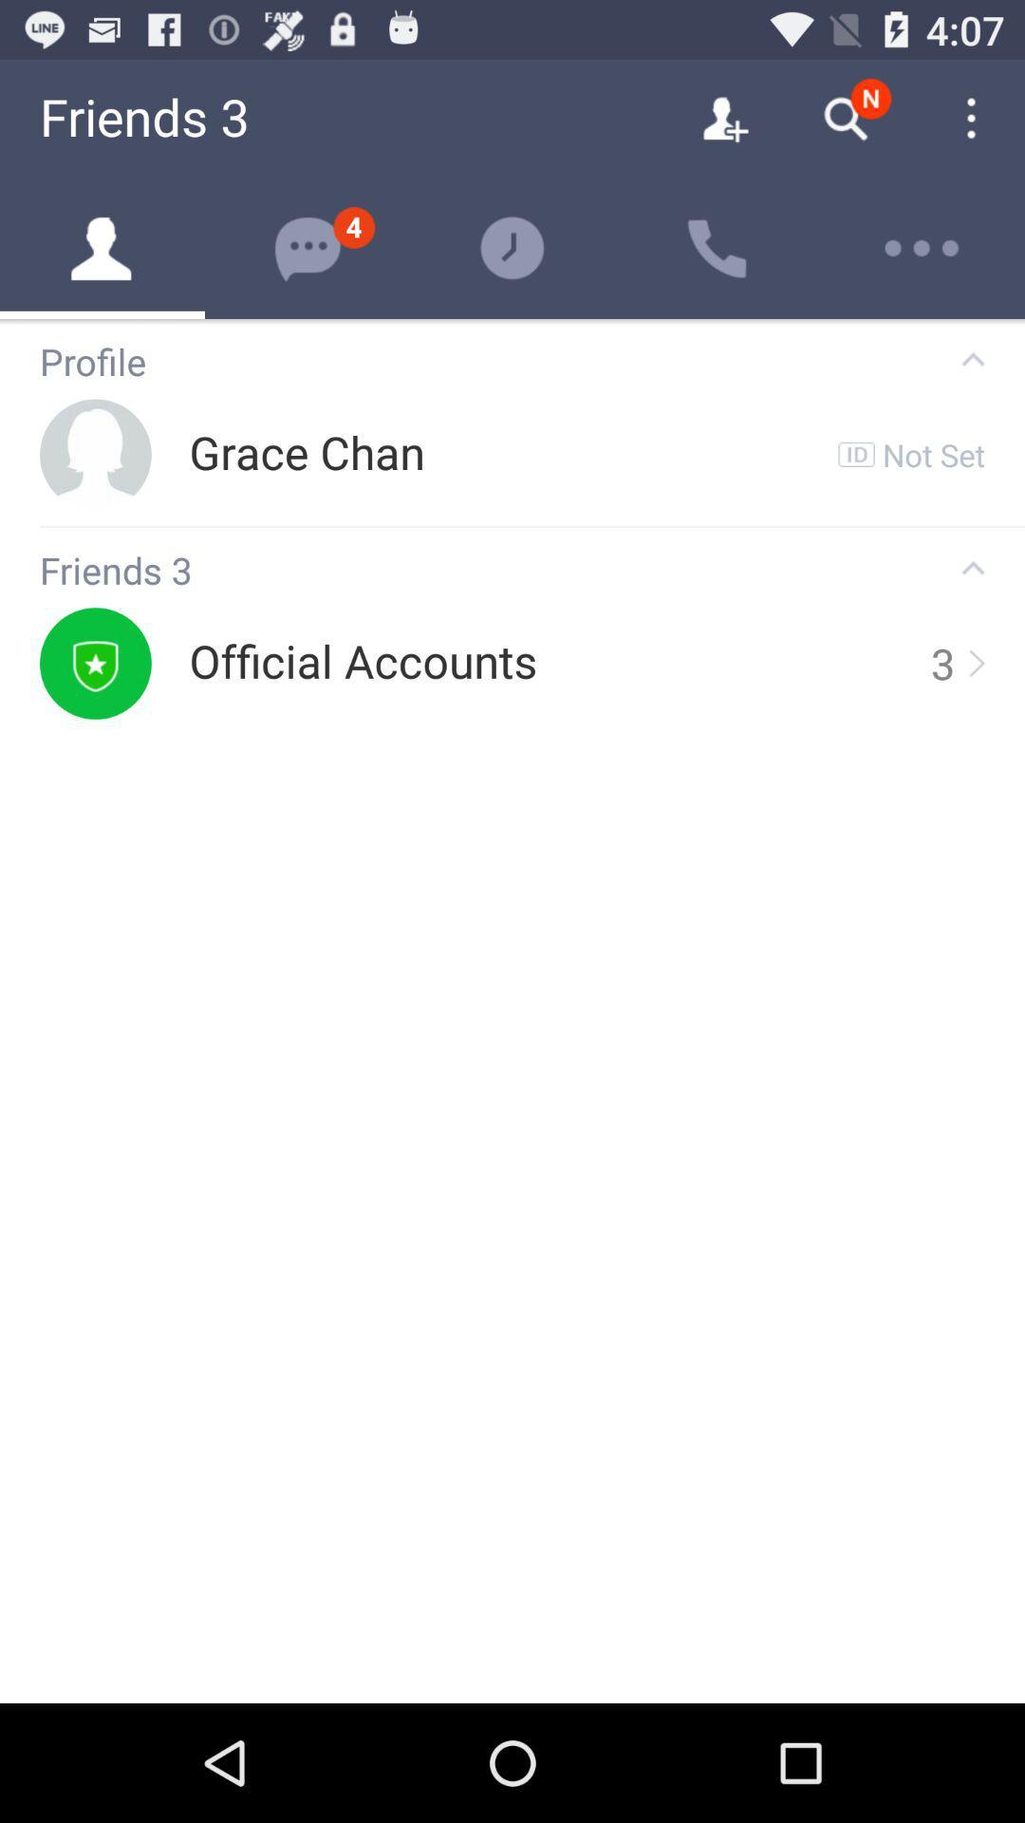 The width and height of the screenshot is (1025, 1823). Describe the element at coordinates (717, 248) in the screenshot. I see `the call icon` at that location.